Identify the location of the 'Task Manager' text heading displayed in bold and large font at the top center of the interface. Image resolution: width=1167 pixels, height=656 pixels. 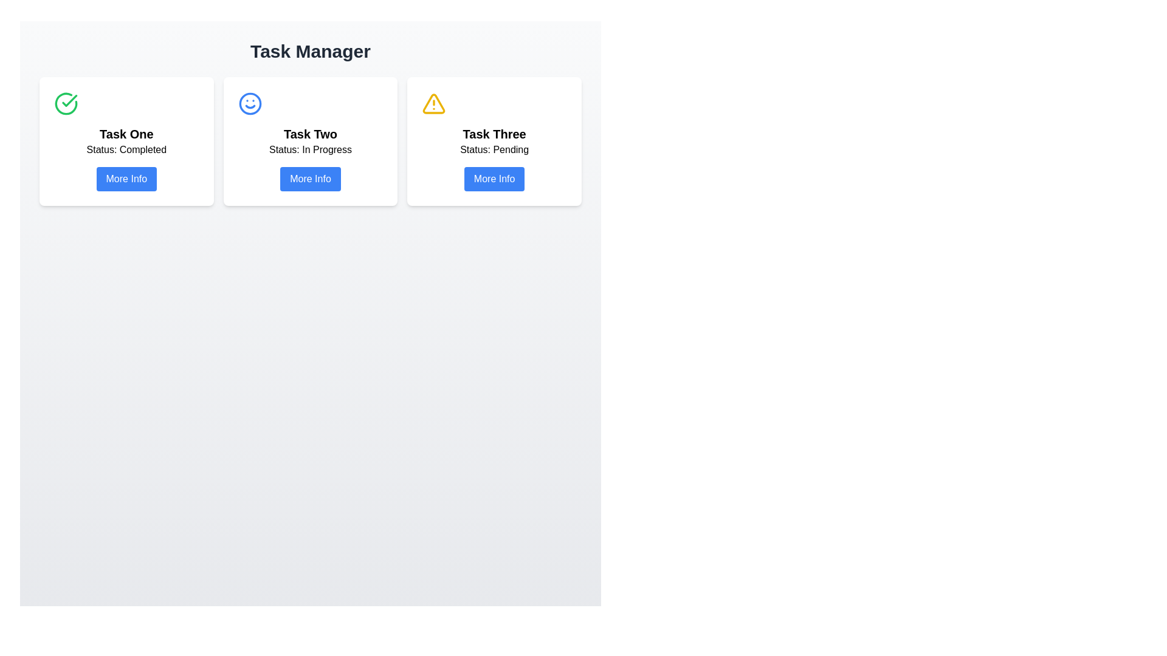
(310, 50).